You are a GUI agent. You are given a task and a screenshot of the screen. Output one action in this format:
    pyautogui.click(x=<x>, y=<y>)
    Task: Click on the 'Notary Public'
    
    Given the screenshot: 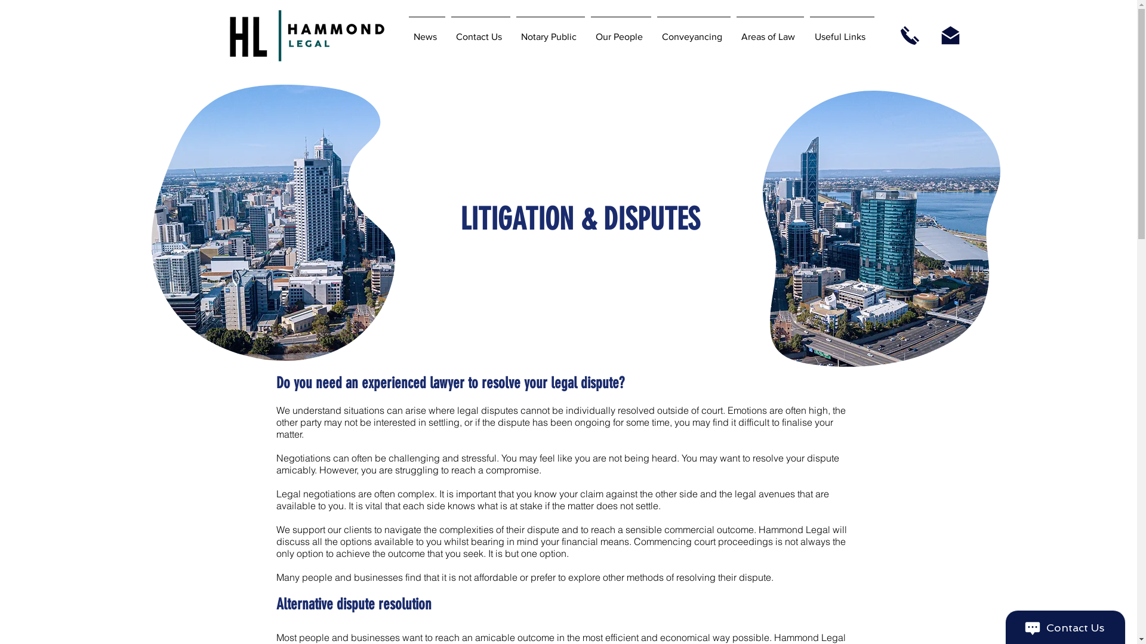 What is the action you would take?
    pyautogui.click(x=550, y=31)
    